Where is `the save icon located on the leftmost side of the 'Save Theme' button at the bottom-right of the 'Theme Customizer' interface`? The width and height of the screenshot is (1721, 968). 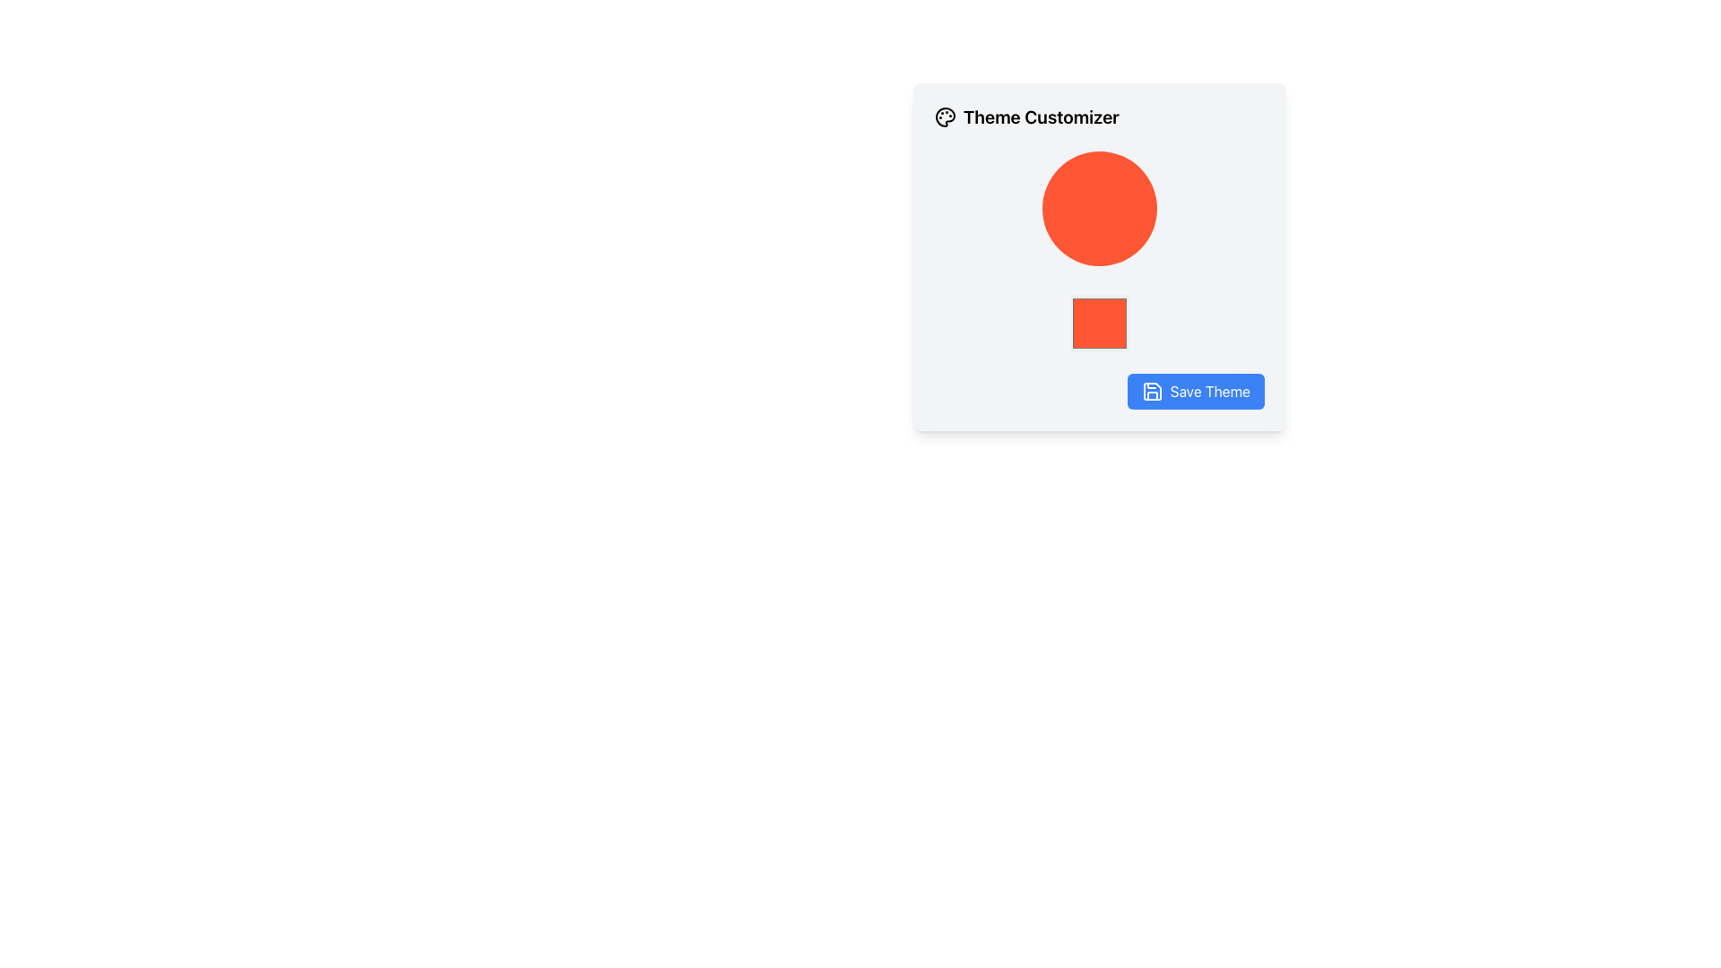 the save icon located on the leftmost side of the 'Save Theme' button at the bottom-right of the 'Theme Customizer' interface is located at coordinates (1152, 390).